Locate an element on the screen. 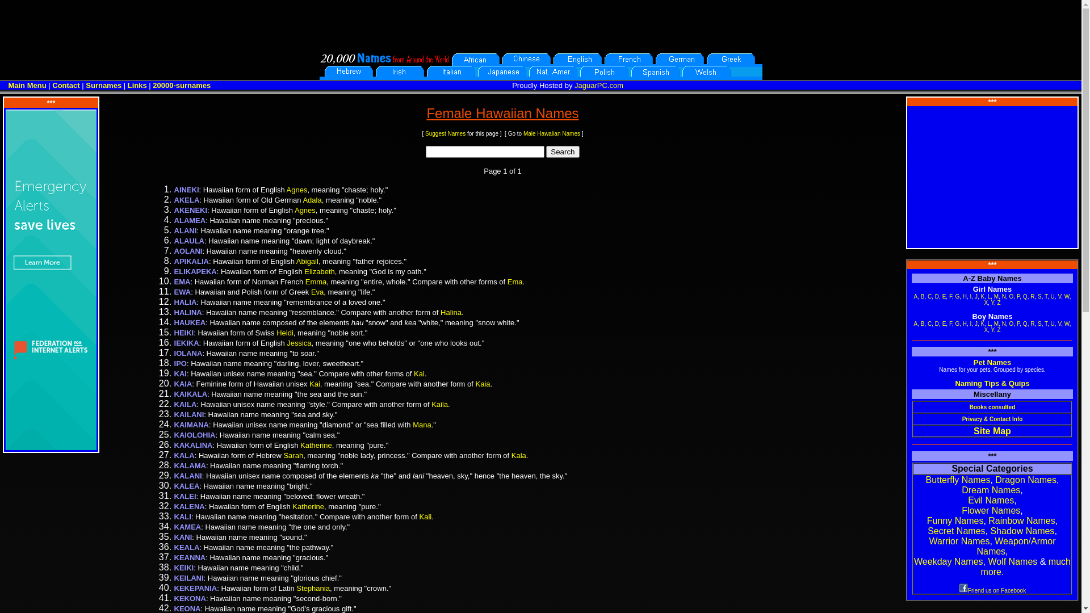 The image size is (1090, 613). 'I' is located at coordinates (970, 296).